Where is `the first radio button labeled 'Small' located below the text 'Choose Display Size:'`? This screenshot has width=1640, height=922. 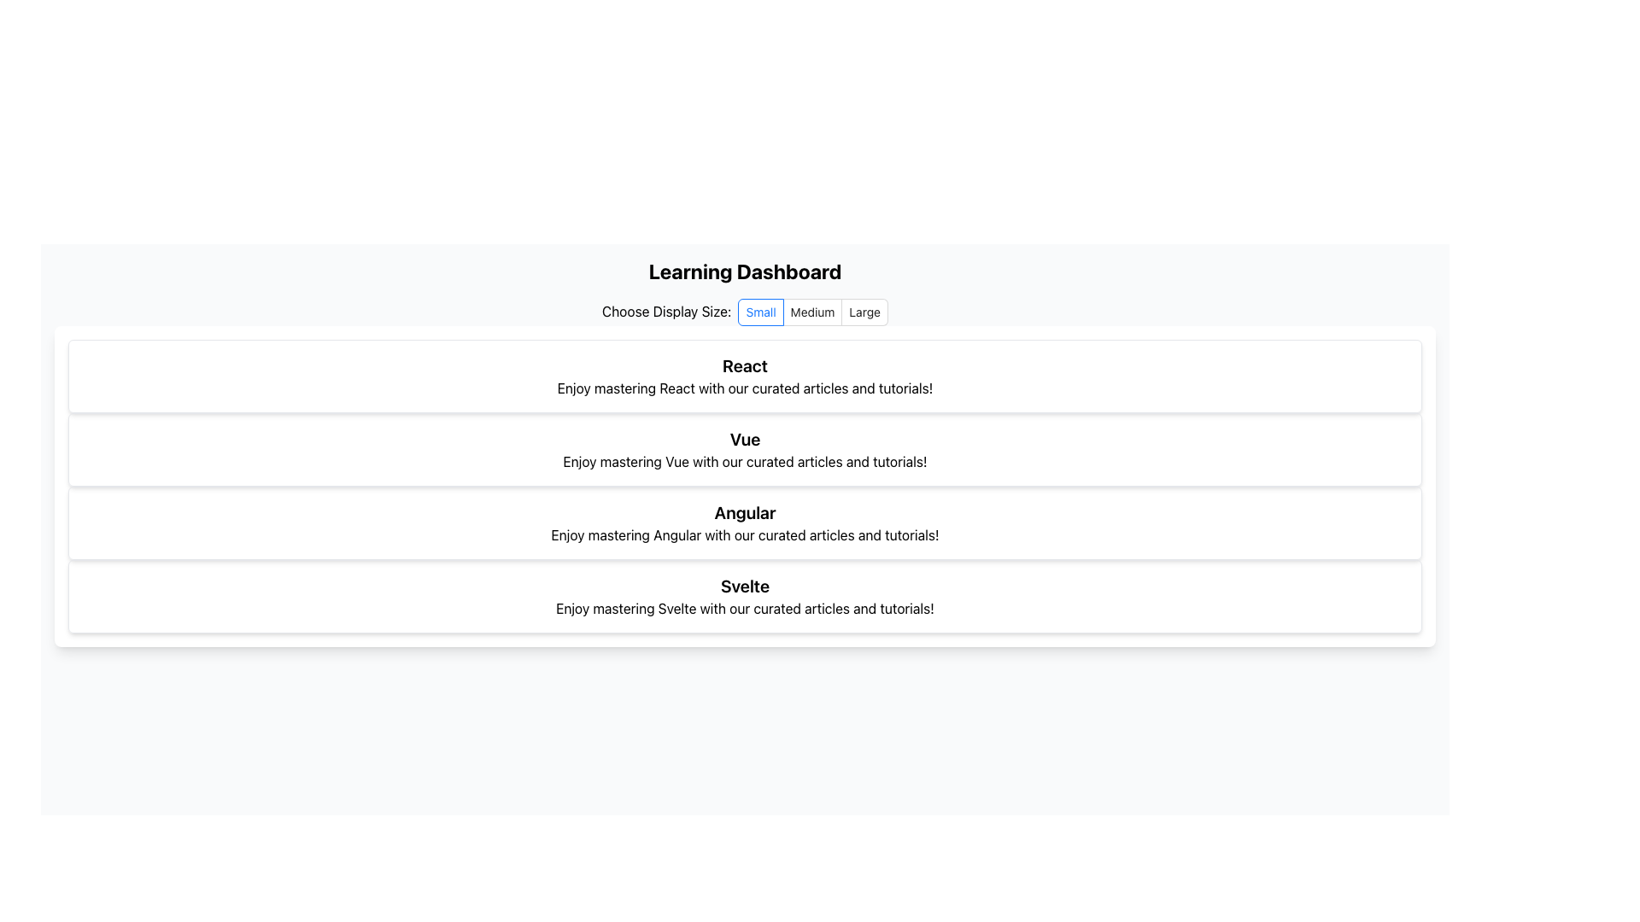 the first radio button labeled 'Small' located below the text 'Choose Display Size:' is located at coordinates (760, 312).